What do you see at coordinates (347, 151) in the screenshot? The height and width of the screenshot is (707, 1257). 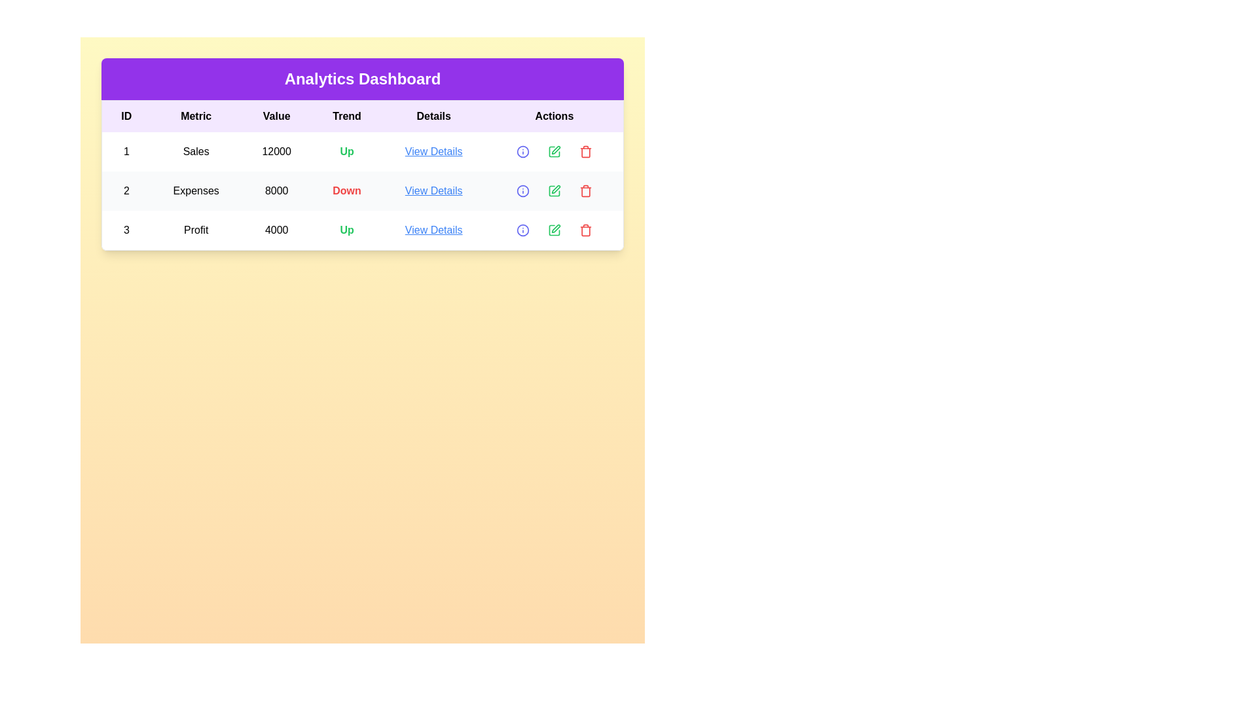 I see `text label indicating a positive trend in the 'Trend' column of the first row in the 'Analytics Dashboard' table` at bounding box center [347, 151].